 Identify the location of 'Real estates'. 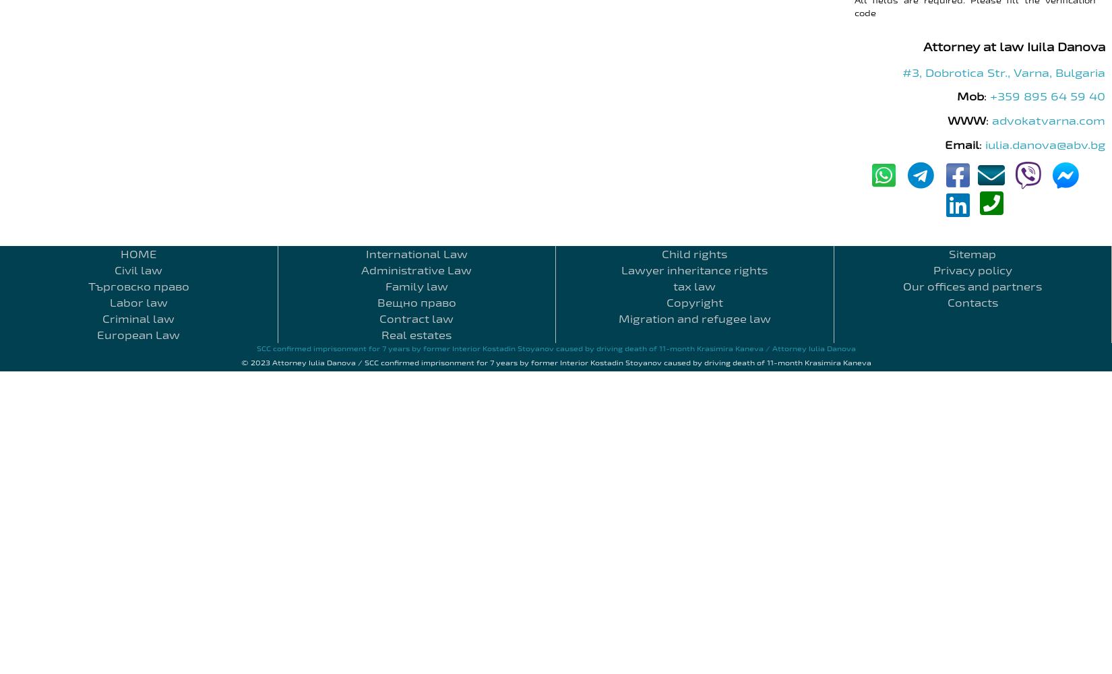
(415, 334).